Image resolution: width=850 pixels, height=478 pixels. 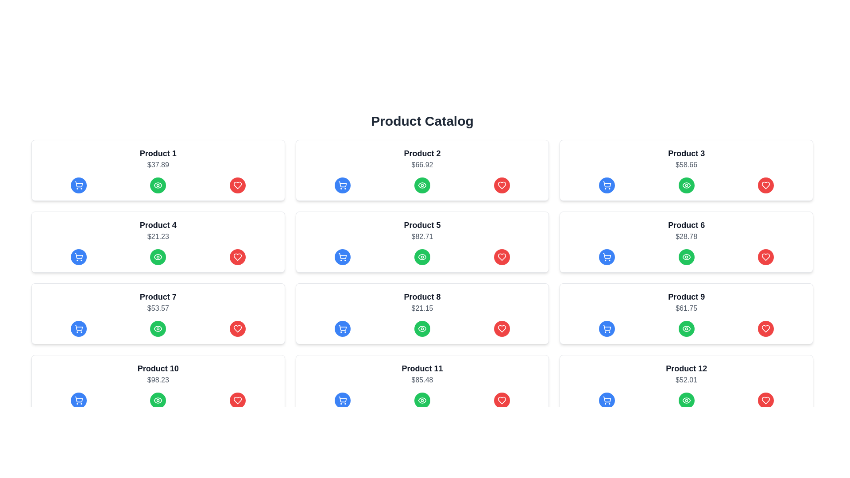 I want to click on the eye icon within the green circular button located in the card for 'Product 10', positioned above the 'heart' button and to the right of the 'cart' button, so click(x=158, y=329).